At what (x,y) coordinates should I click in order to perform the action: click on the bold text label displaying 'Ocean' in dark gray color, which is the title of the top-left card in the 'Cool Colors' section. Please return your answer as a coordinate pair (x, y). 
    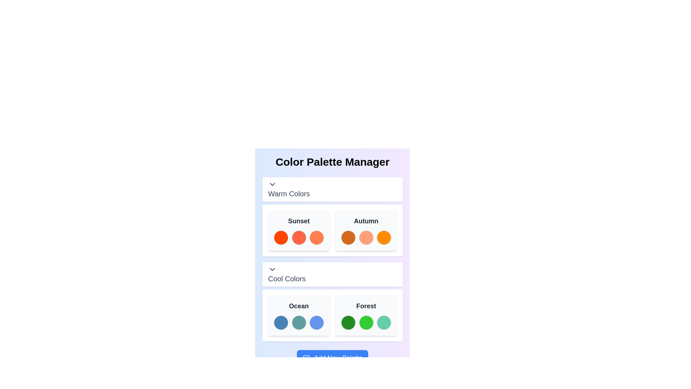
    Looking at the image, I should click on (299, 306).